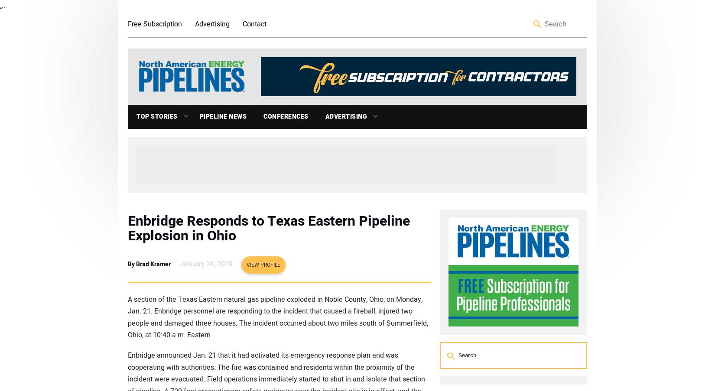 The width and height of the screenshot is (715, 391). What do you see at coordinates (128, 23) in the screenshot?
I see `'Free Subscription'` at bounding box center [128, 23].